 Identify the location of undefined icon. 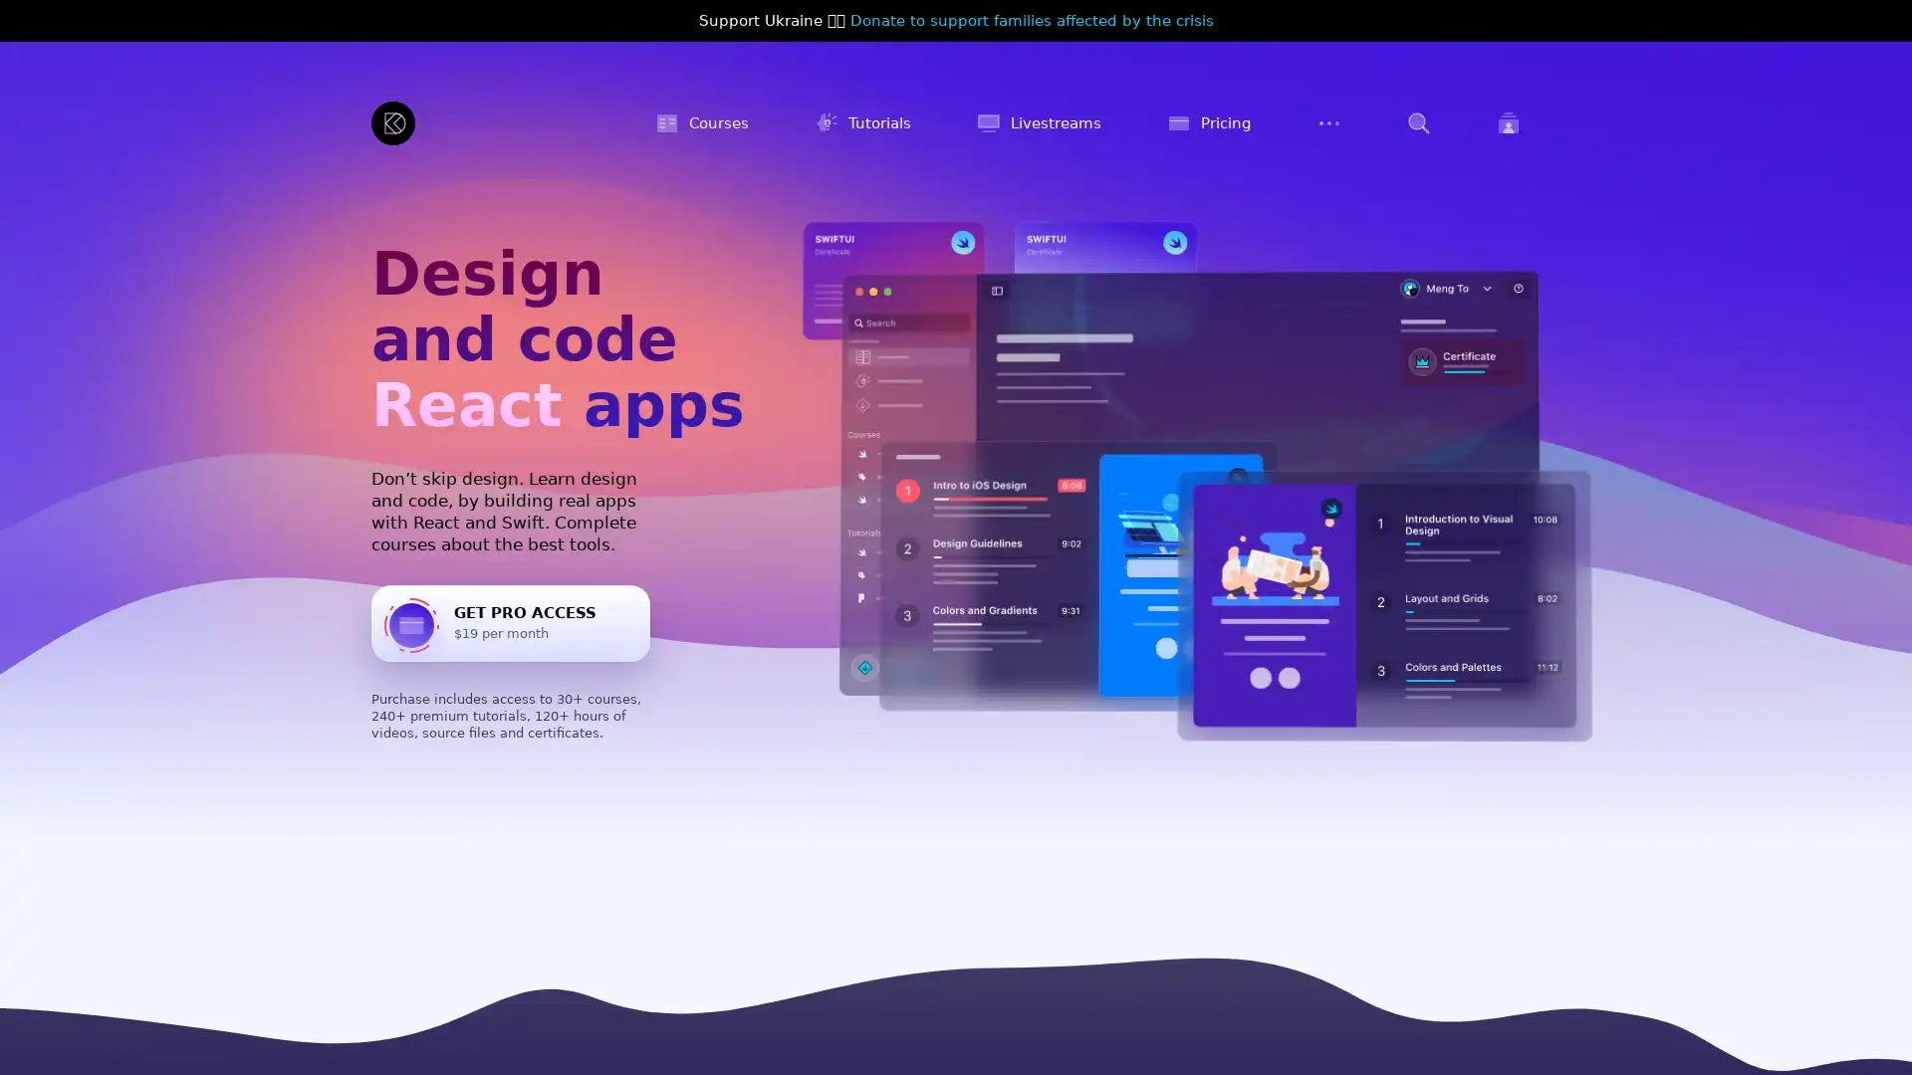
(1418, 122).